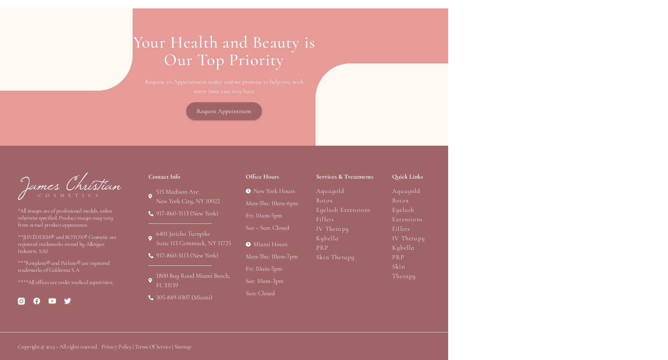  What do you see at coordinates (264, 281) in the screenshot?
I see `'Sat: 10am-3pm'` at bounding box center [264, 281].